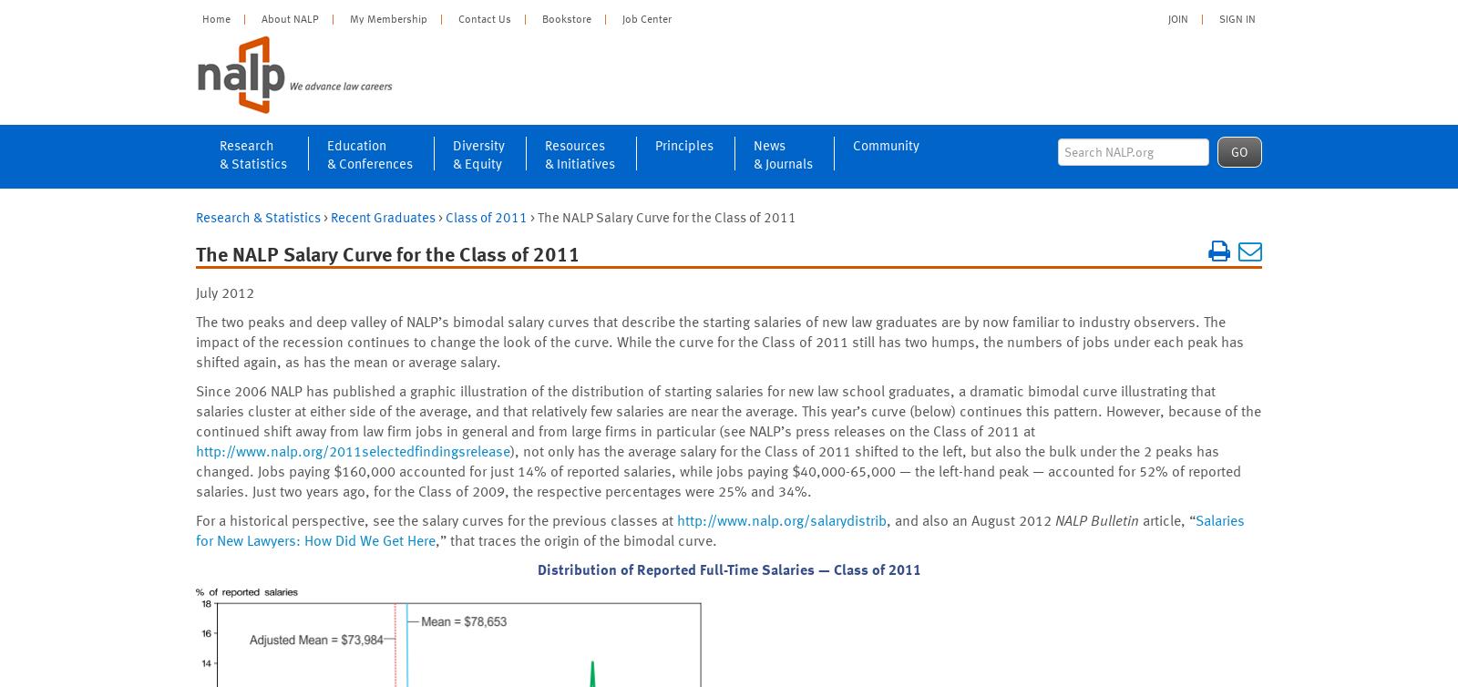 The width and height of the screenshot is (1458, 687). What do you see at coordinates (387, 17) in the screenshot?
I see `'My Membership'` at bounding box center [387, 17].